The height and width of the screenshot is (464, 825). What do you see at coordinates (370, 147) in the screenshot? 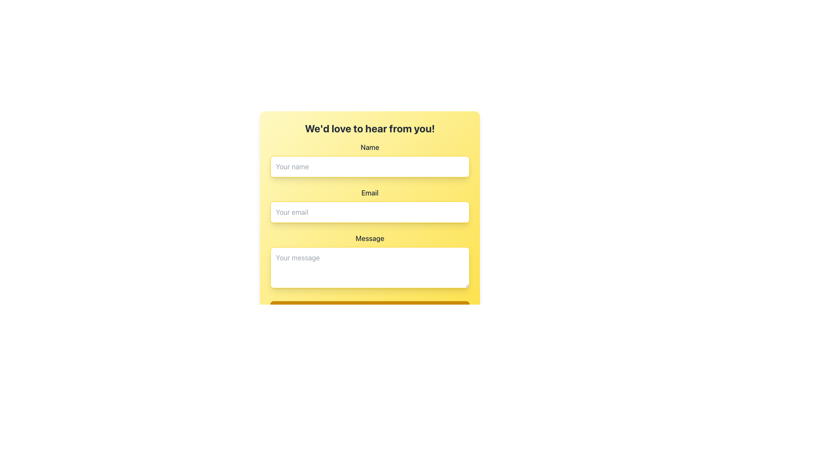
I see `the Text Label that identifies the input field for entering a name, positioned above the corresponding input field with the placeholder 'Your name.'` at bounding box center [370, 147].